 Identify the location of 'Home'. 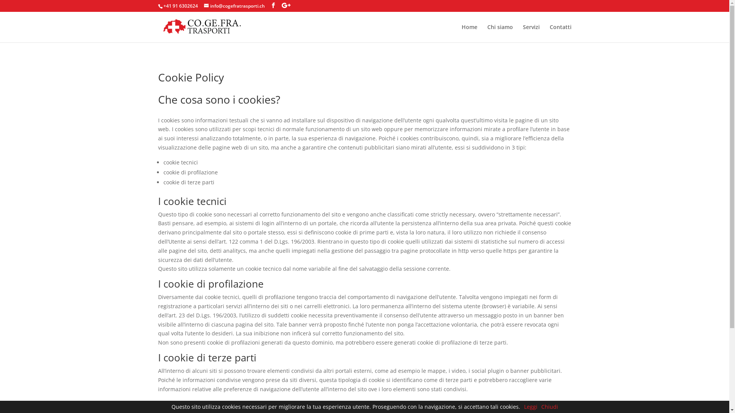
(469, 33).